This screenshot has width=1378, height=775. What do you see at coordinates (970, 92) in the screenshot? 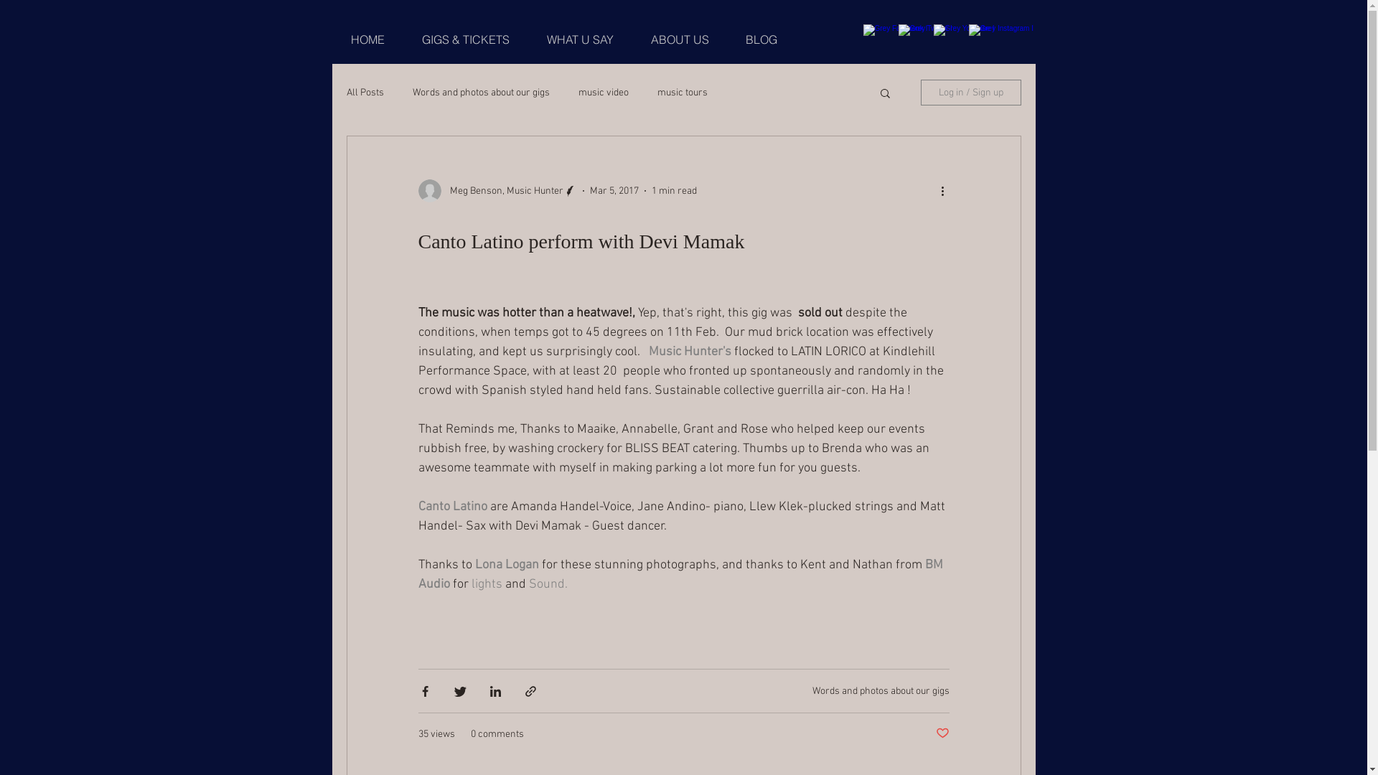
I see `'Log in / Sign up'` at bounding box center [970, 92].